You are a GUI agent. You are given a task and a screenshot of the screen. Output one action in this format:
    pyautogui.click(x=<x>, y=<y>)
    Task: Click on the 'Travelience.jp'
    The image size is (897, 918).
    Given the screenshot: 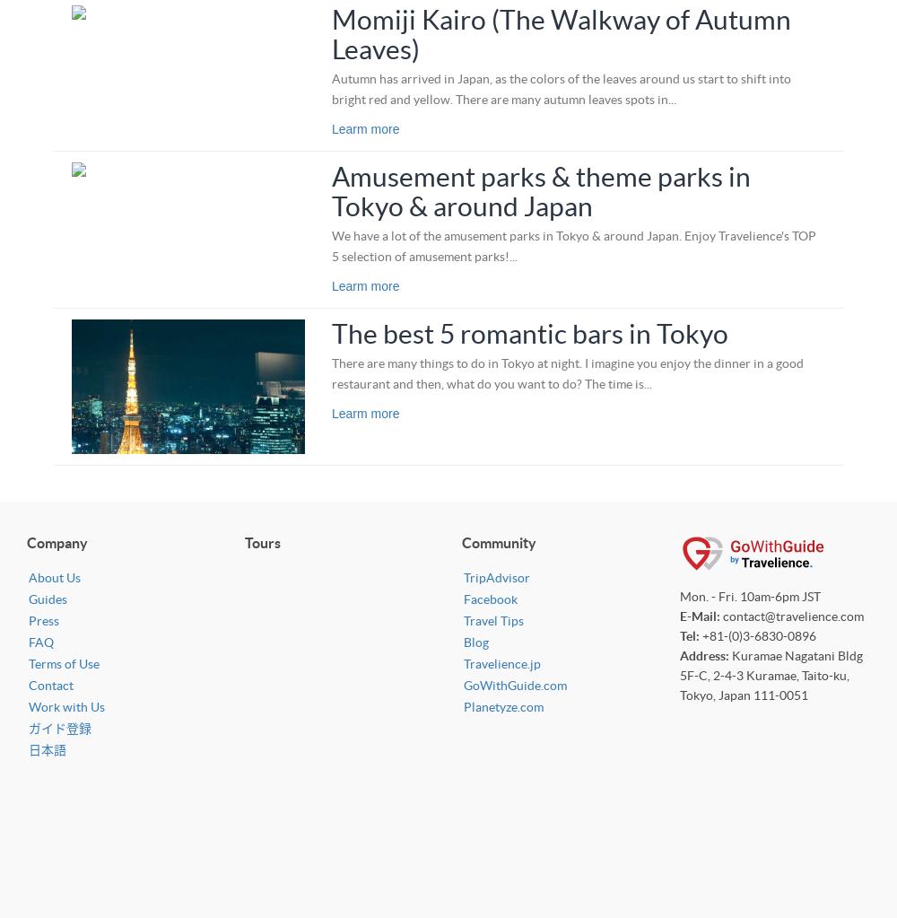 What is the action you would take?
    pyautogui.click(x=464, y=663)
    